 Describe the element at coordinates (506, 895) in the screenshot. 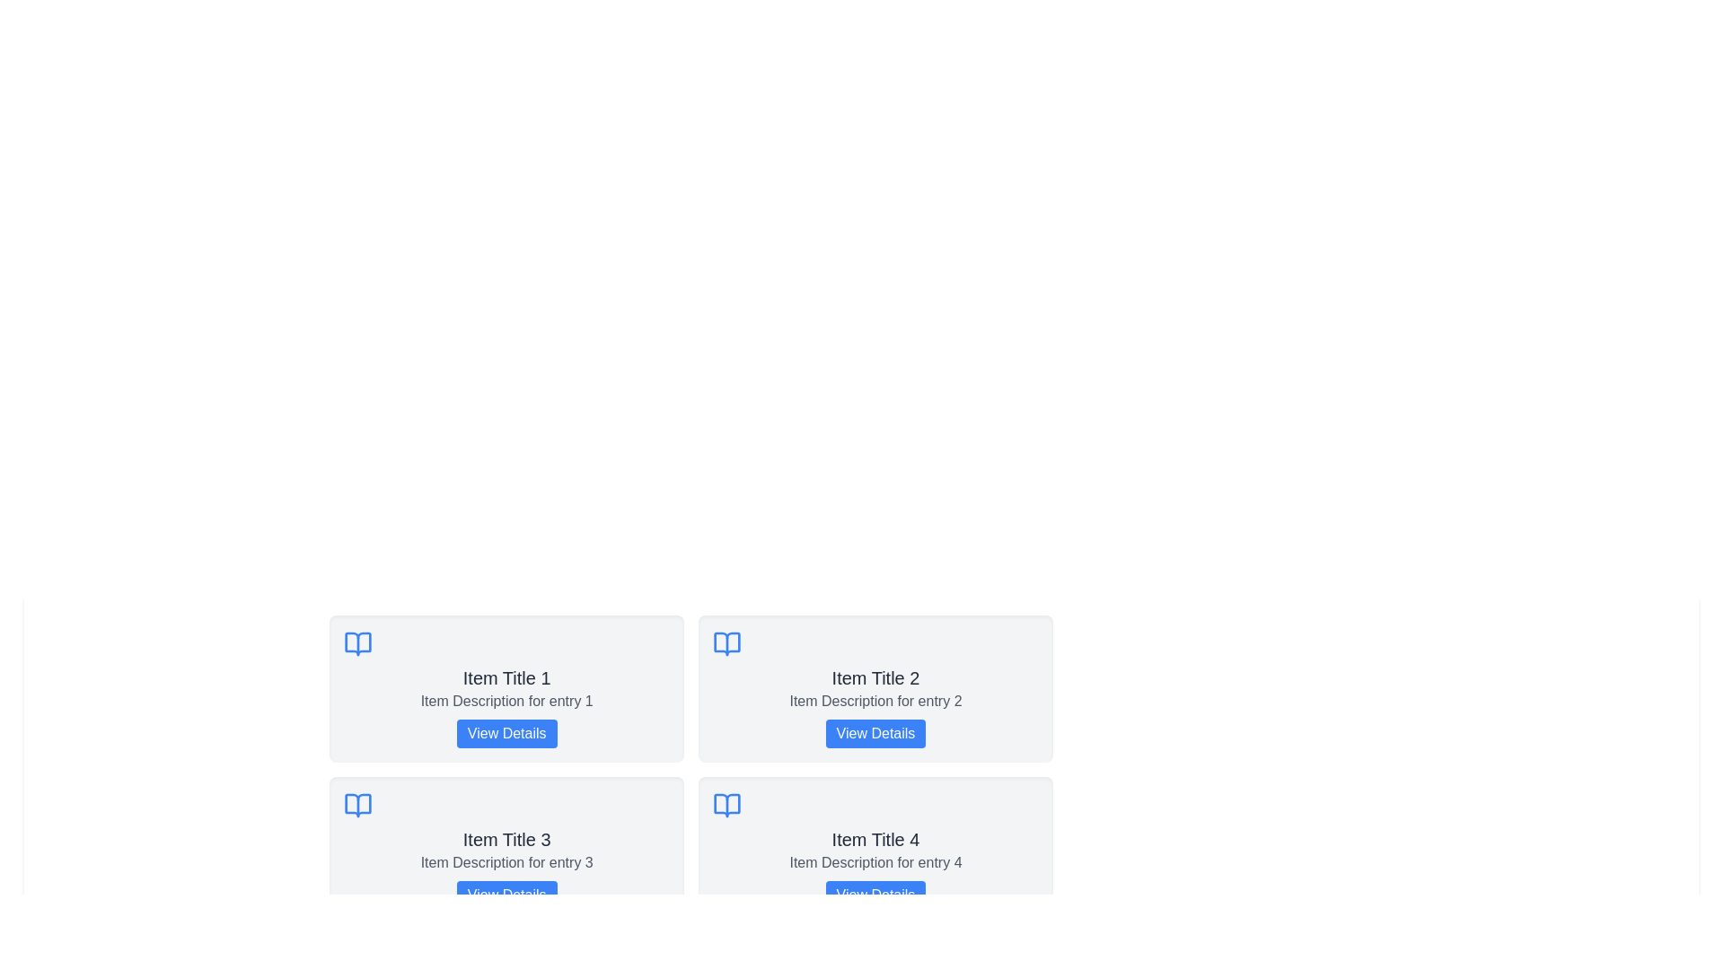

I see `the 'View Details' button with a blue background and white text located at the bottom-right corner of the third card from the left` at that location.